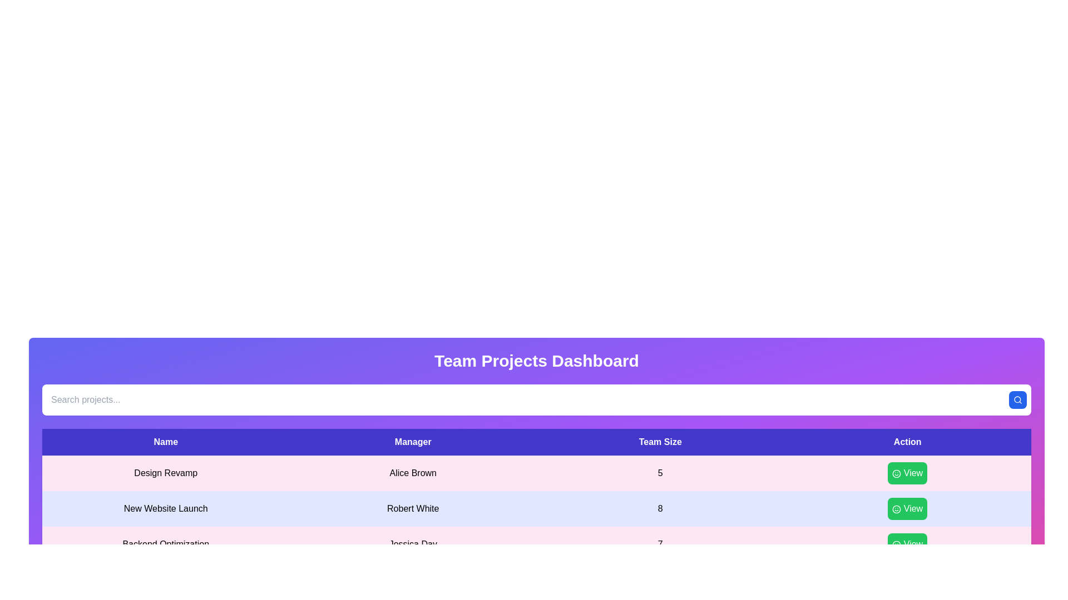 The width and height of the screenshot is (1068, 600). I want to click on the decorative icon located to the left of the 'View' button in the 'Action' column of the 'Backend Optimization' row, so click(897, 544).